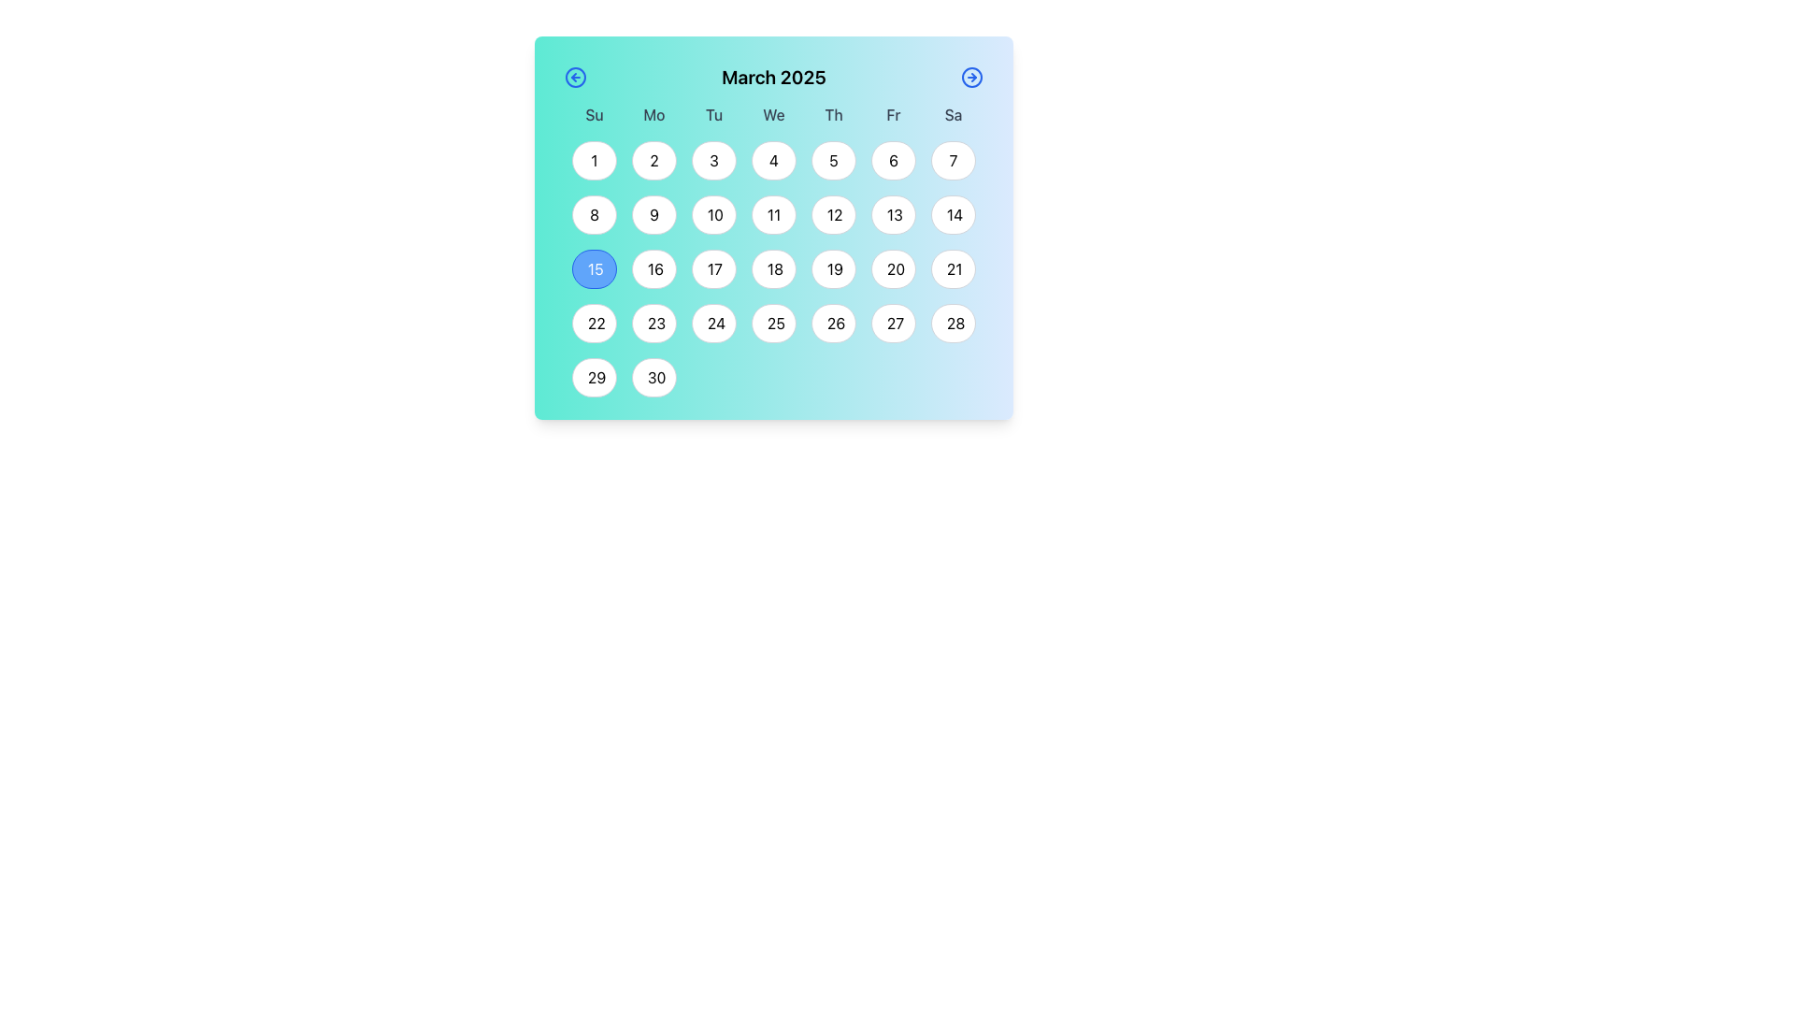  I want to click on the date button '19', so click(833, 269).